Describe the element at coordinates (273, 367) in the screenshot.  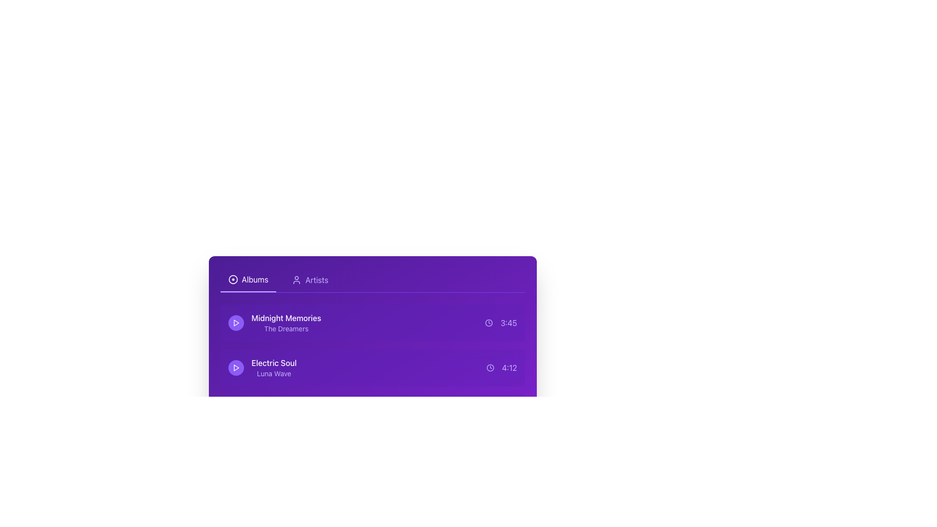
I see `the text display component that shows the title and subtitle of a music track, located to the right of the play button` at that location.